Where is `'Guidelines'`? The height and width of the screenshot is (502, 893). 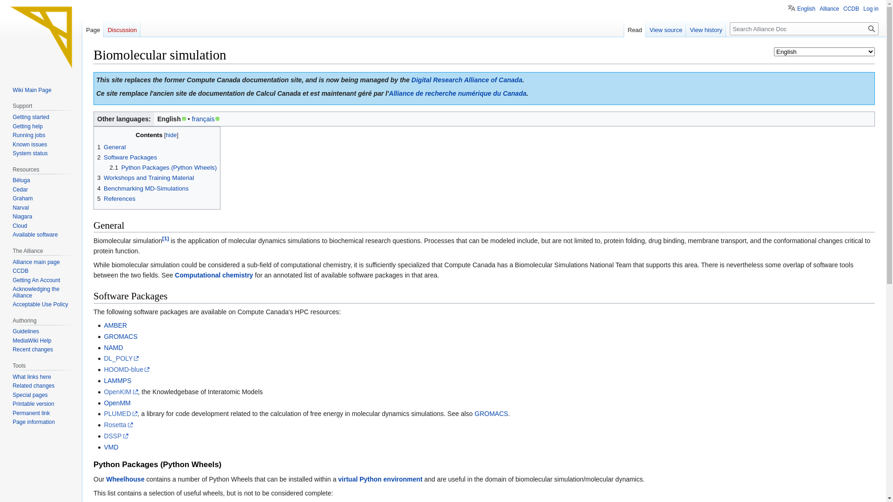 'Guidelines' is located at coordinates (26, 331).